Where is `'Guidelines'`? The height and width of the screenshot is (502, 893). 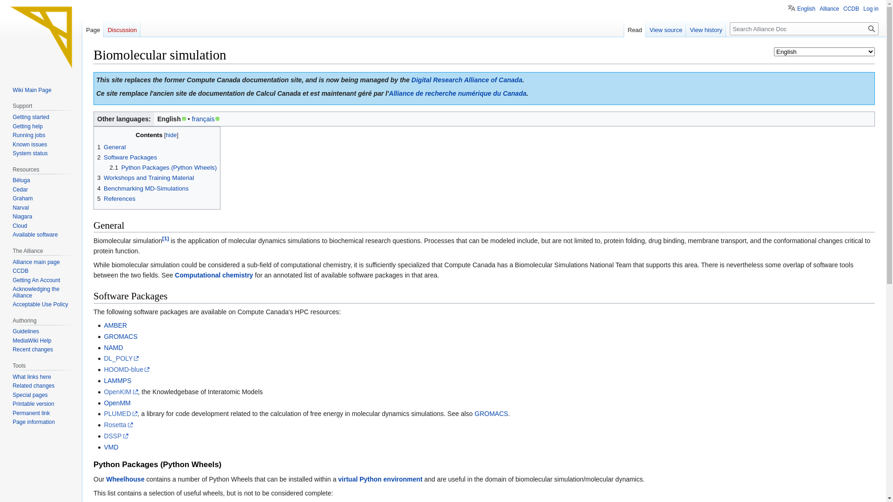 'Guidelines' is located at coordinates (26, 331).